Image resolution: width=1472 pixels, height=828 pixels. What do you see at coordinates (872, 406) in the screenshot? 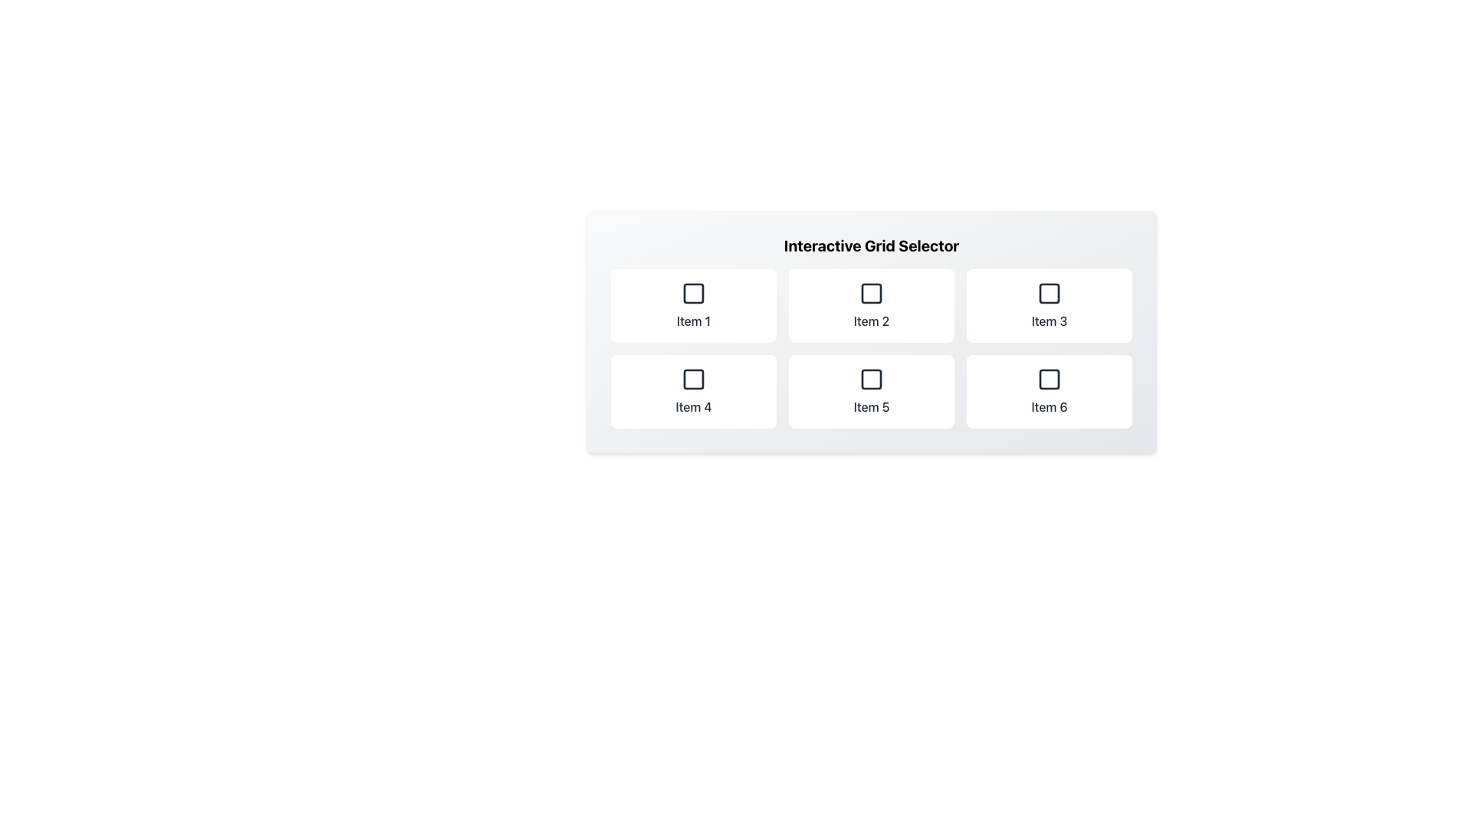
I see `text label displaying 'Item 5' located in the second row, middle column of the grid interface, which is part of a selectable option box` at bounding box center [872, 406].